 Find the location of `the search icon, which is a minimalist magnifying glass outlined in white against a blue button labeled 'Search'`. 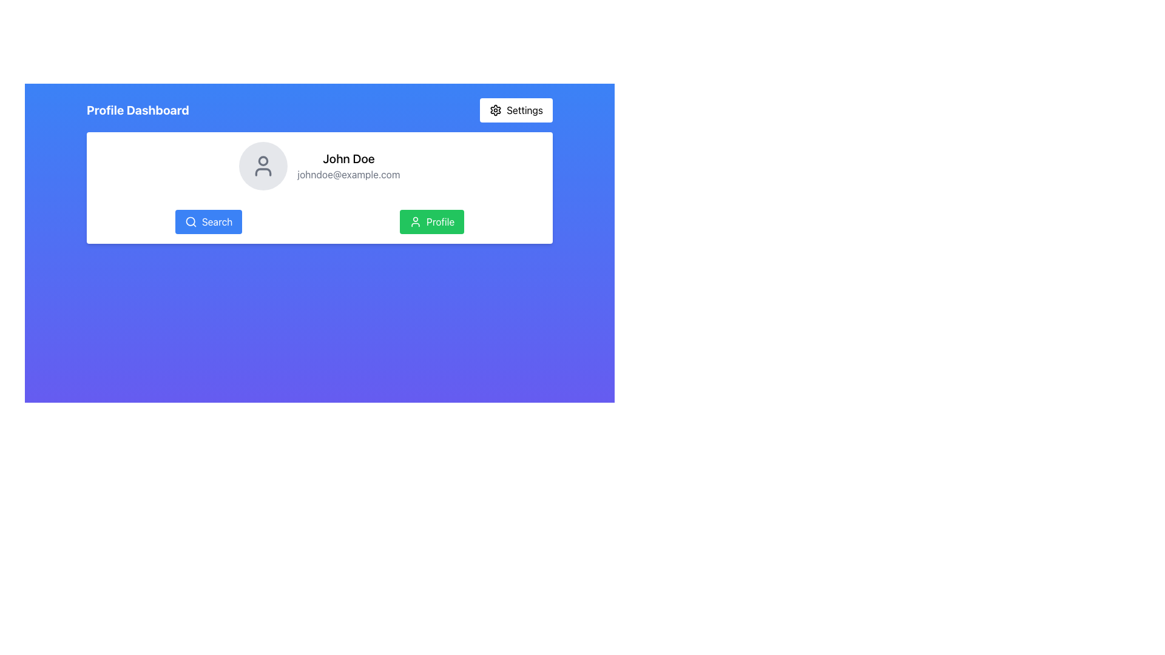

the search icon, which is a minimalist magnifying glass outlined in white against a blue button labeled 'Search' is located at coordinates (190, 222).